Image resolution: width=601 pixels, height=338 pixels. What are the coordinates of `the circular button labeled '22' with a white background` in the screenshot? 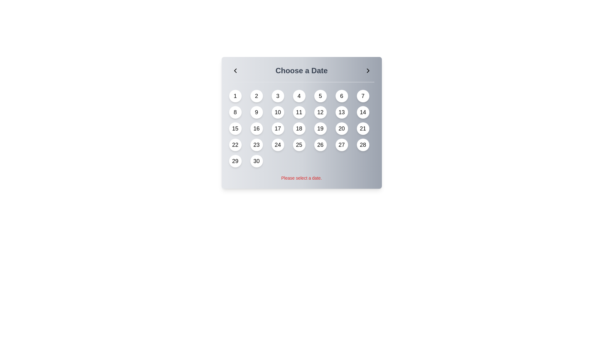 It's located at (235, 145).